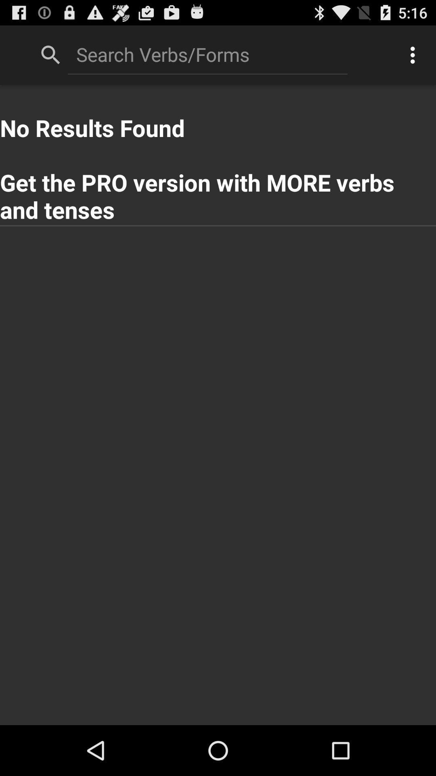  What do you see at coordinates (415, 55) in the screenshot?
I see `the icon at the top right corner` at bounding box center [415, 55].